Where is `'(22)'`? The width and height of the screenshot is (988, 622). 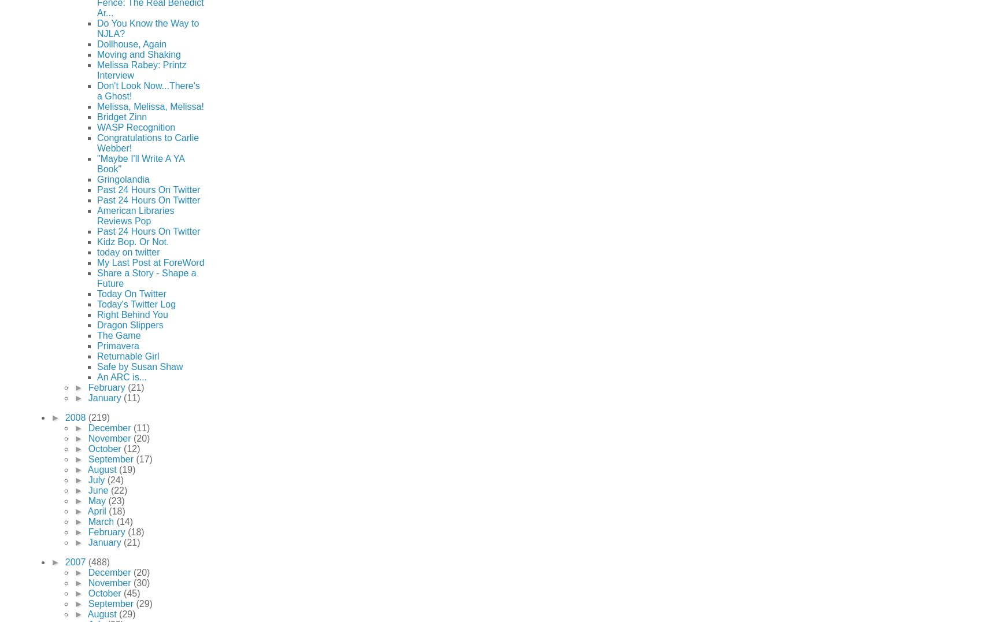 '(22)' is located at coordinates (118, 489).